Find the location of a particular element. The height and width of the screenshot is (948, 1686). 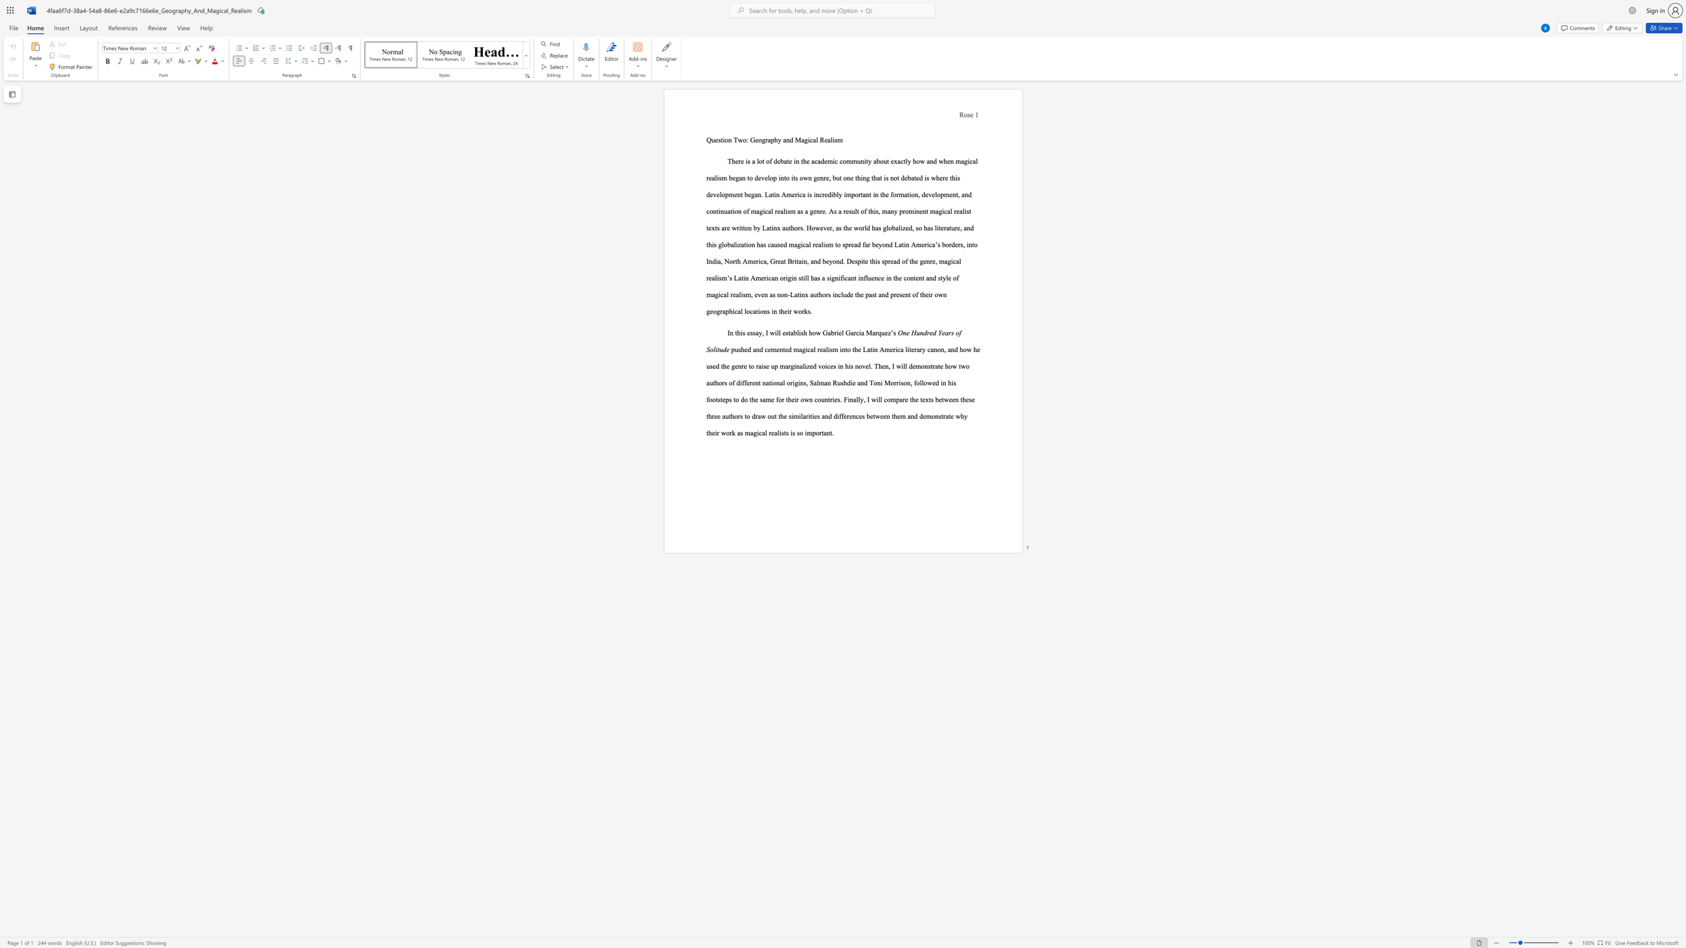

the 2th character "s" in the text is located at coordinates (718, 399).